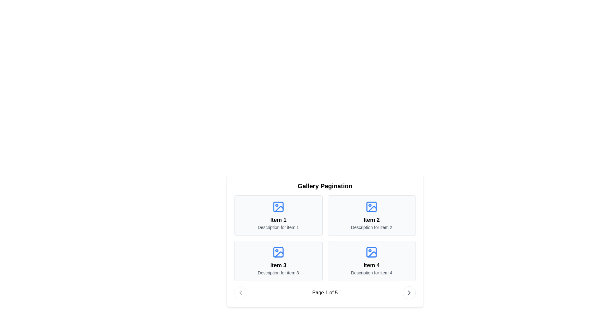  What do you see at coordinates (278, 227) in the screenshot?
I see `descriptive text label located at the bottom section of the card associated with 'Item 1'` at bounding box center [278, 227].